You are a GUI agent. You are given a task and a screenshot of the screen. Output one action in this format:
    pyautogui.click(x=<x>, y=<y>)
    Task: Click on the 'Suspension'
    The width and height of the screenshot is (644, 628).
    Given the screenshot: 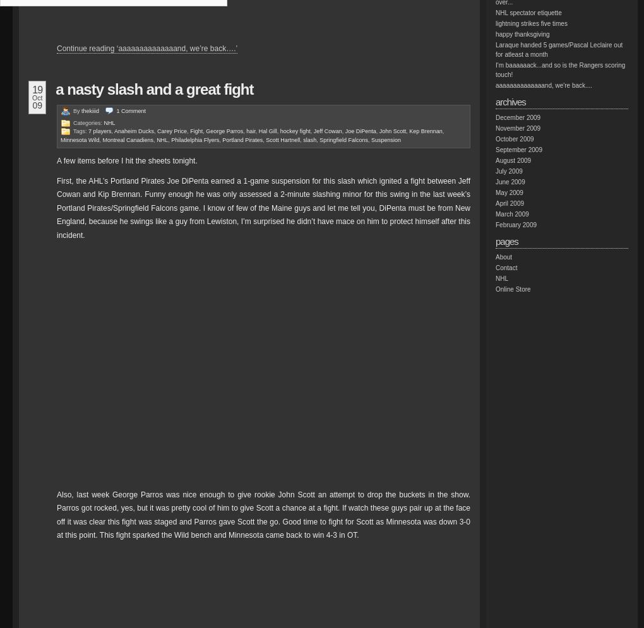 What is the action you would take?
    pyautogui.click(x=385, y=138)
    